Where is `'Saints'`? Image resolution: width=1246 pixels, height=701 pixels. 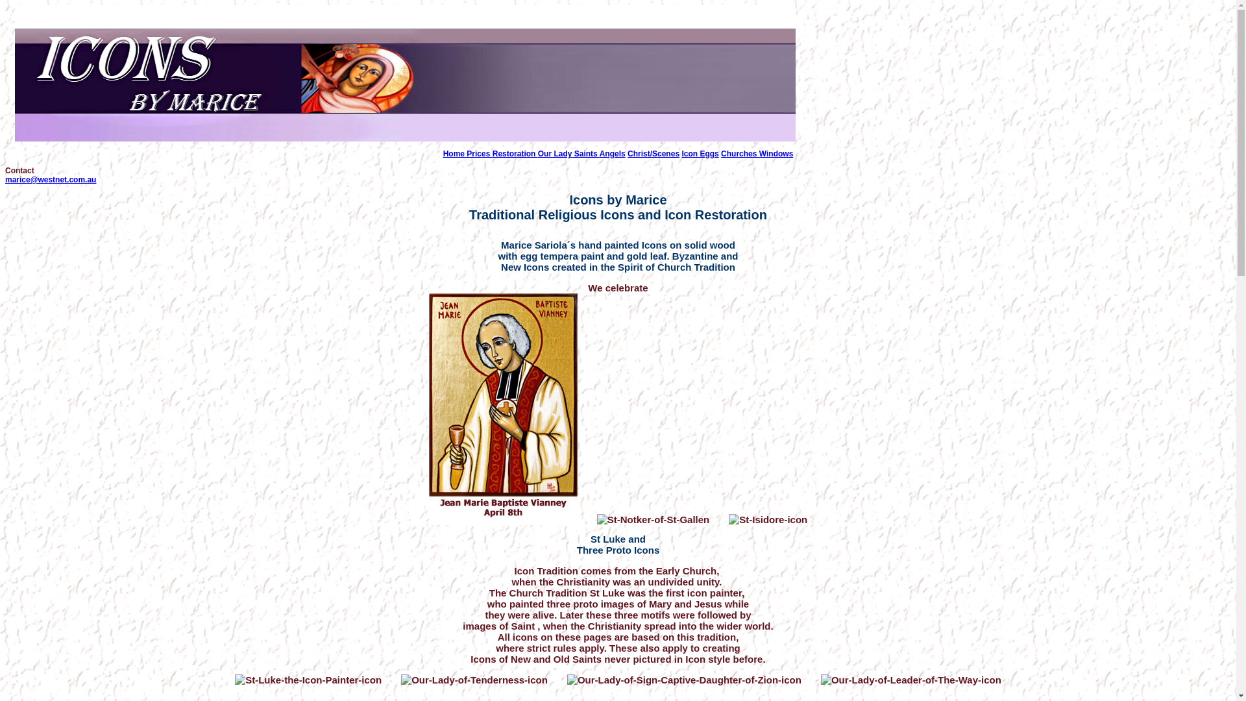 'Saints' is located at coordinates (585, 153).